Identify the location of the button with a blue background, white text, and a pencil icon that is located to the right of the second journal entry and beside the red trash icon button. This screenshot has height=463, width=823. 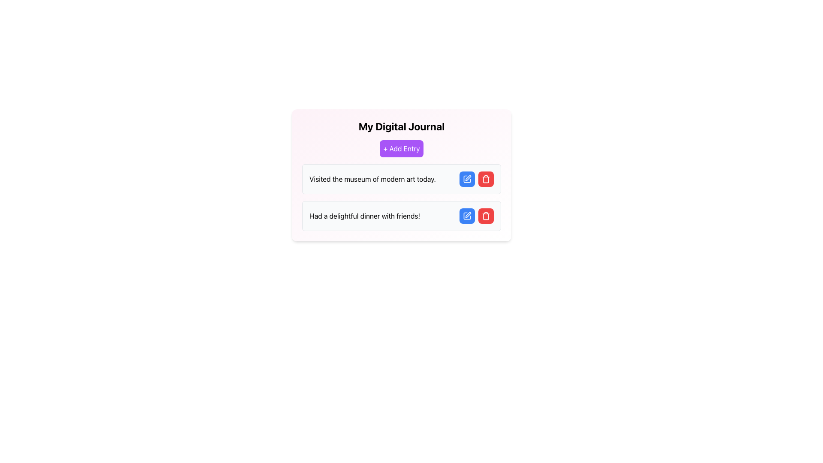
(466, 216).